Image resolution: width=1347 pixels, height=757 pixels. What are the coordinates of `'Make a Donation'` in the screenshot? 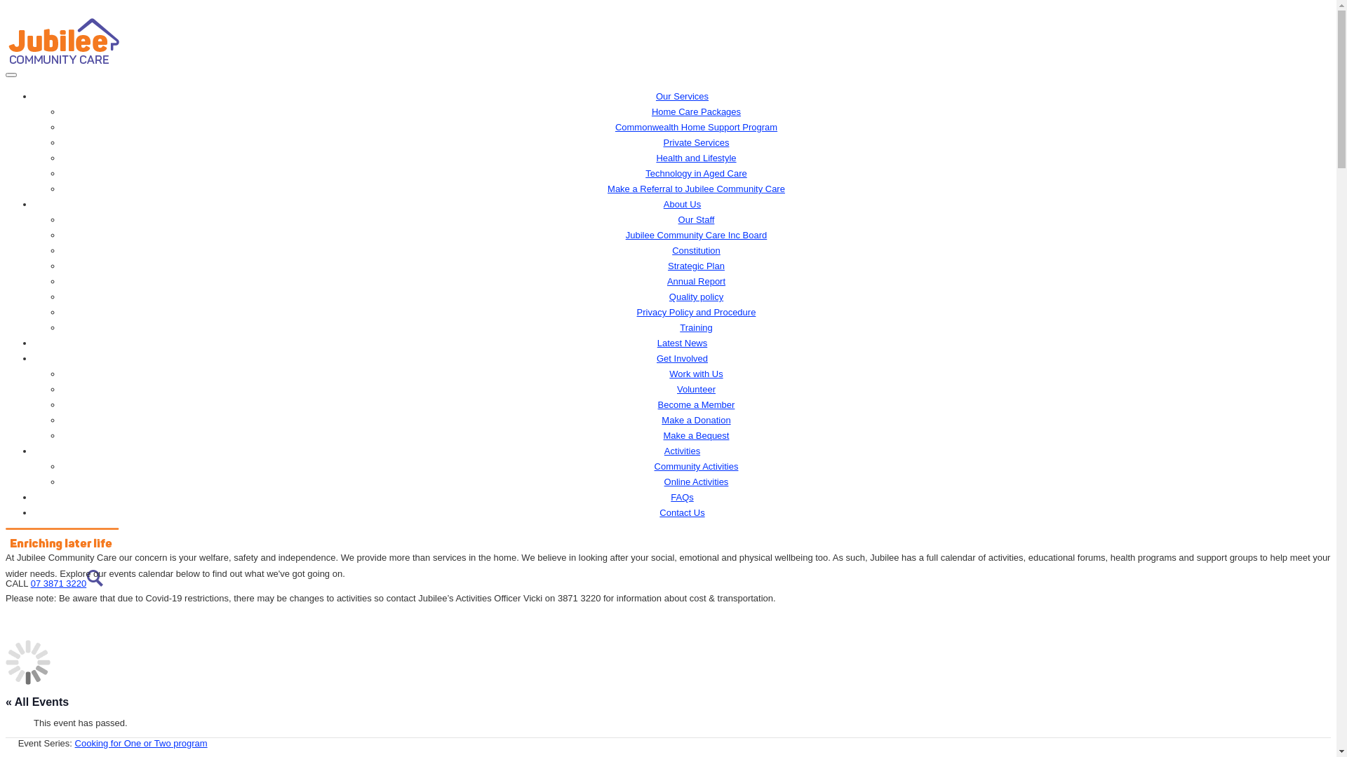 It's located at (696, 419).